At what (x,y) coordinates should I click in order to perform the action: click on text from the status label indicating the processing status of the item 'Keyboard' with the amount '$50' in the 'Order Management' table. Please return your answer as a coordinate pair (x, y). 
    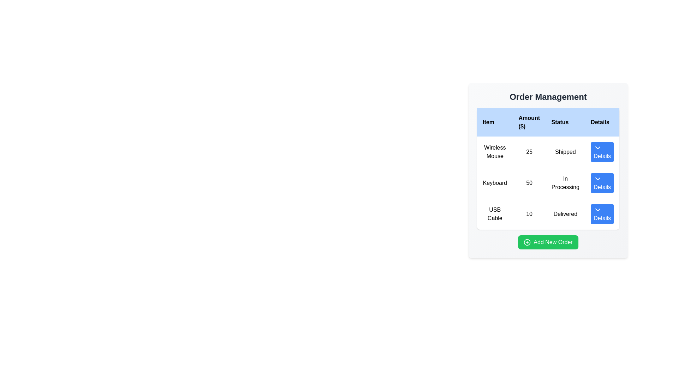
    Looking at the image, I should click on (565, 183).